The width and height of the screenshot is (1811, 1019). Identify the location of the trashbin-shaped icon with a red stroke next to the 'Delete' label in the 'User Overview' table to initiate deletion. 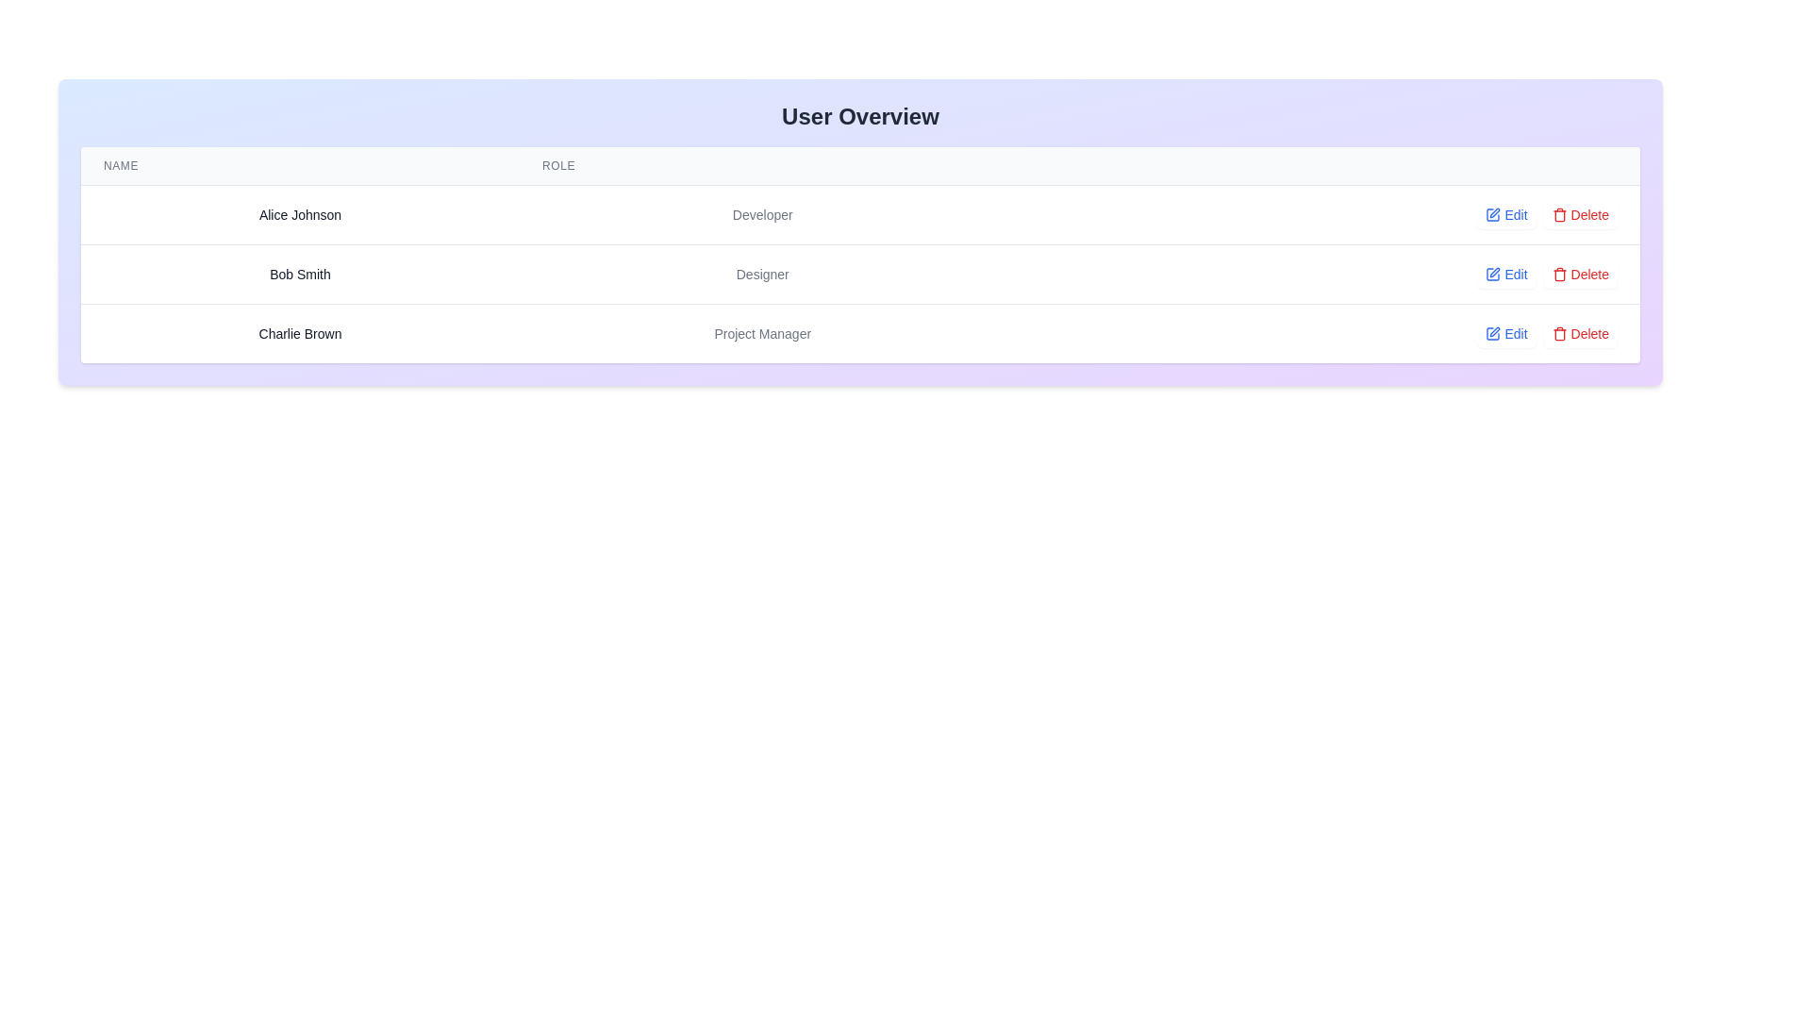
(1559, 274).